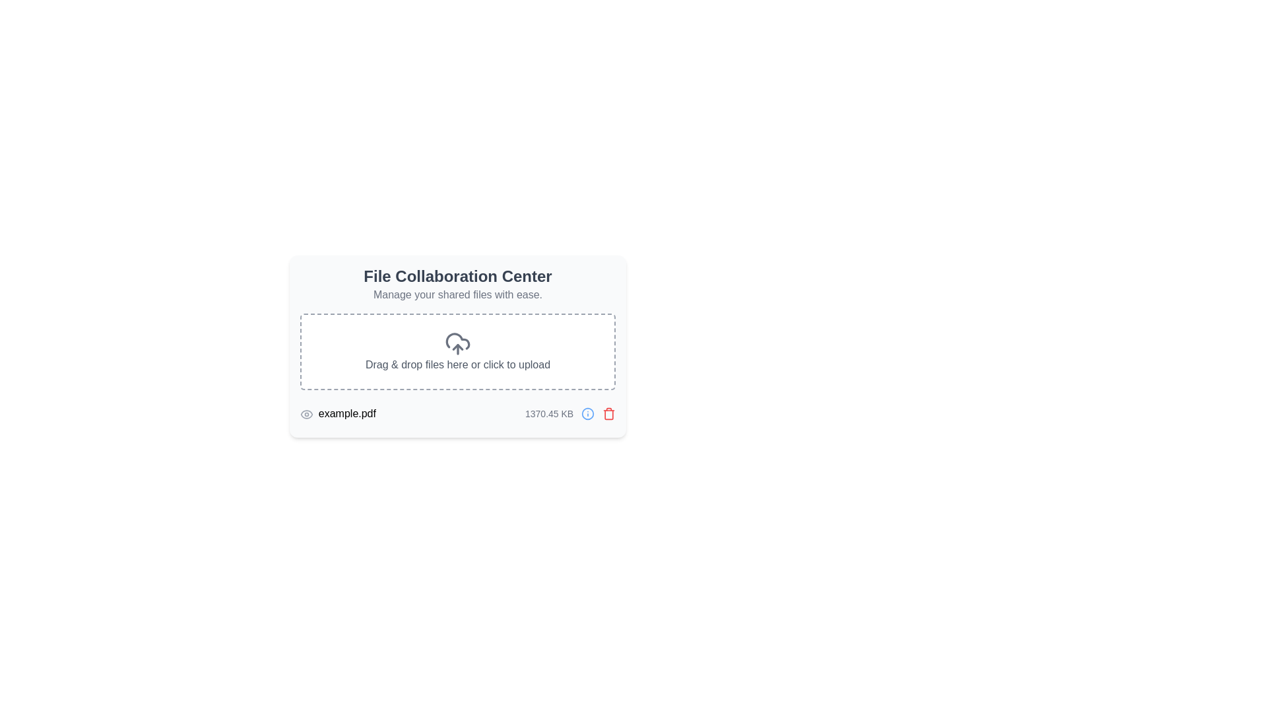  What do you see at coordinates (587, 413) in the screenshot?
I see `the circular blue info icon featuring an 'i' symbol, located between the text '1370.45 KB' and a trash can icon` at bounding box center [587, 413].